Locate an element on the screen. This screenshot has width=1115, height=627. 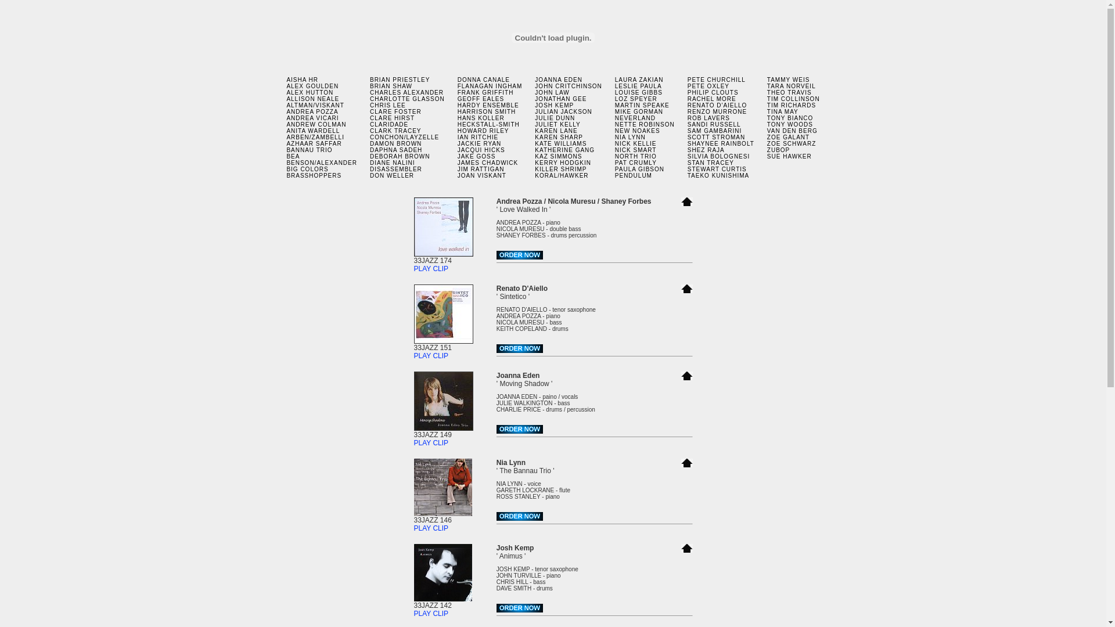
'JIM RATTIGAN' is located at coordinates (481, 169).